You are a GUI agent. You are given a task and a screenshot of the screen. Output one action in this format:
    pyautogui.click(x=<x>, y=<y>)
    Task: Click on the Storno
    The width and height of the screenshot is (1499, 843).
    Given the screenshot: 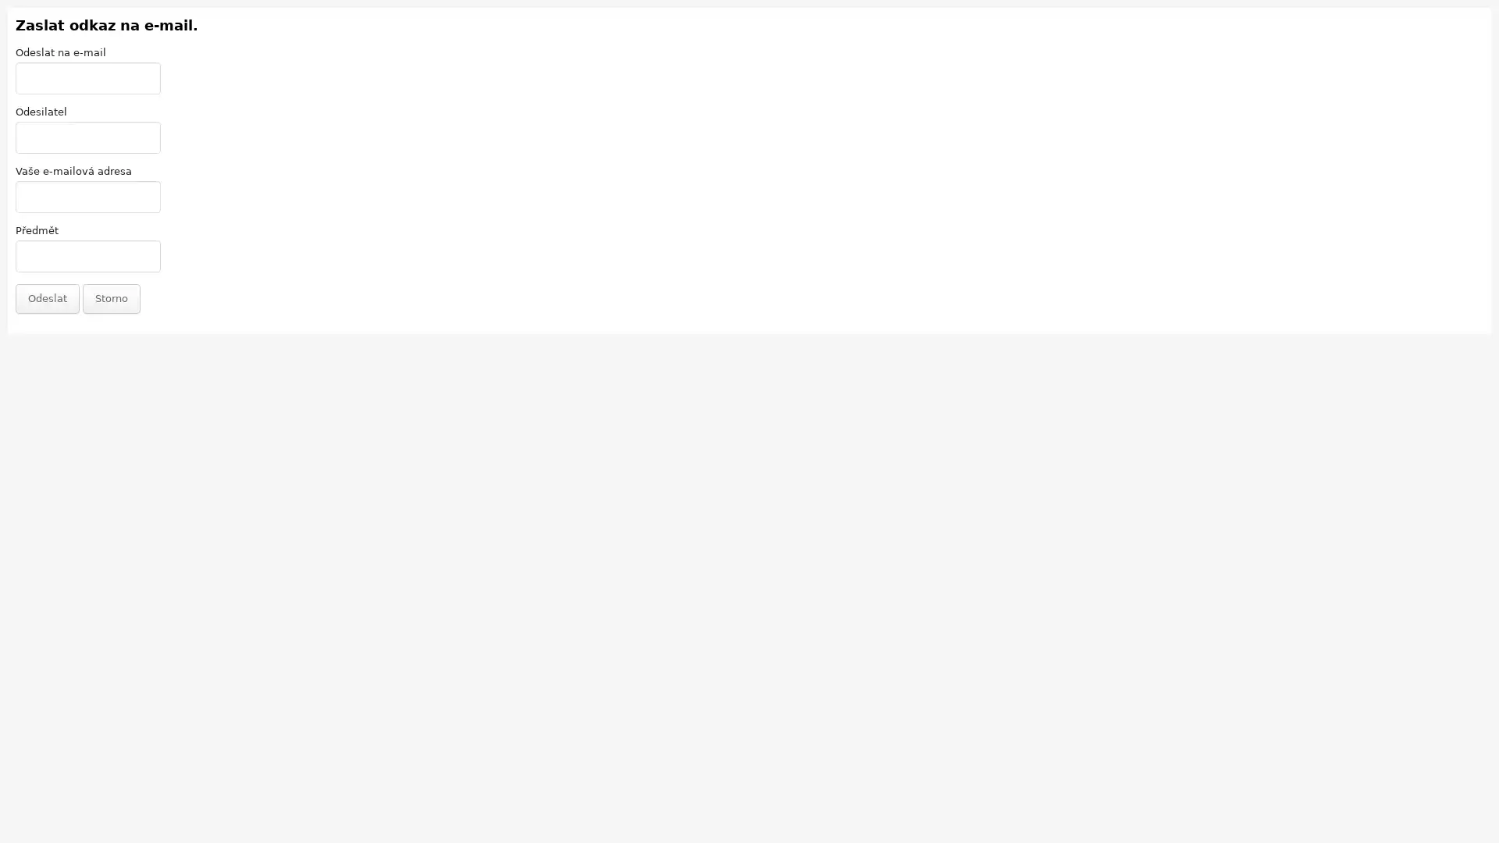 What is the action you would take?
    pyautogui.click(x=111, y=298)
    